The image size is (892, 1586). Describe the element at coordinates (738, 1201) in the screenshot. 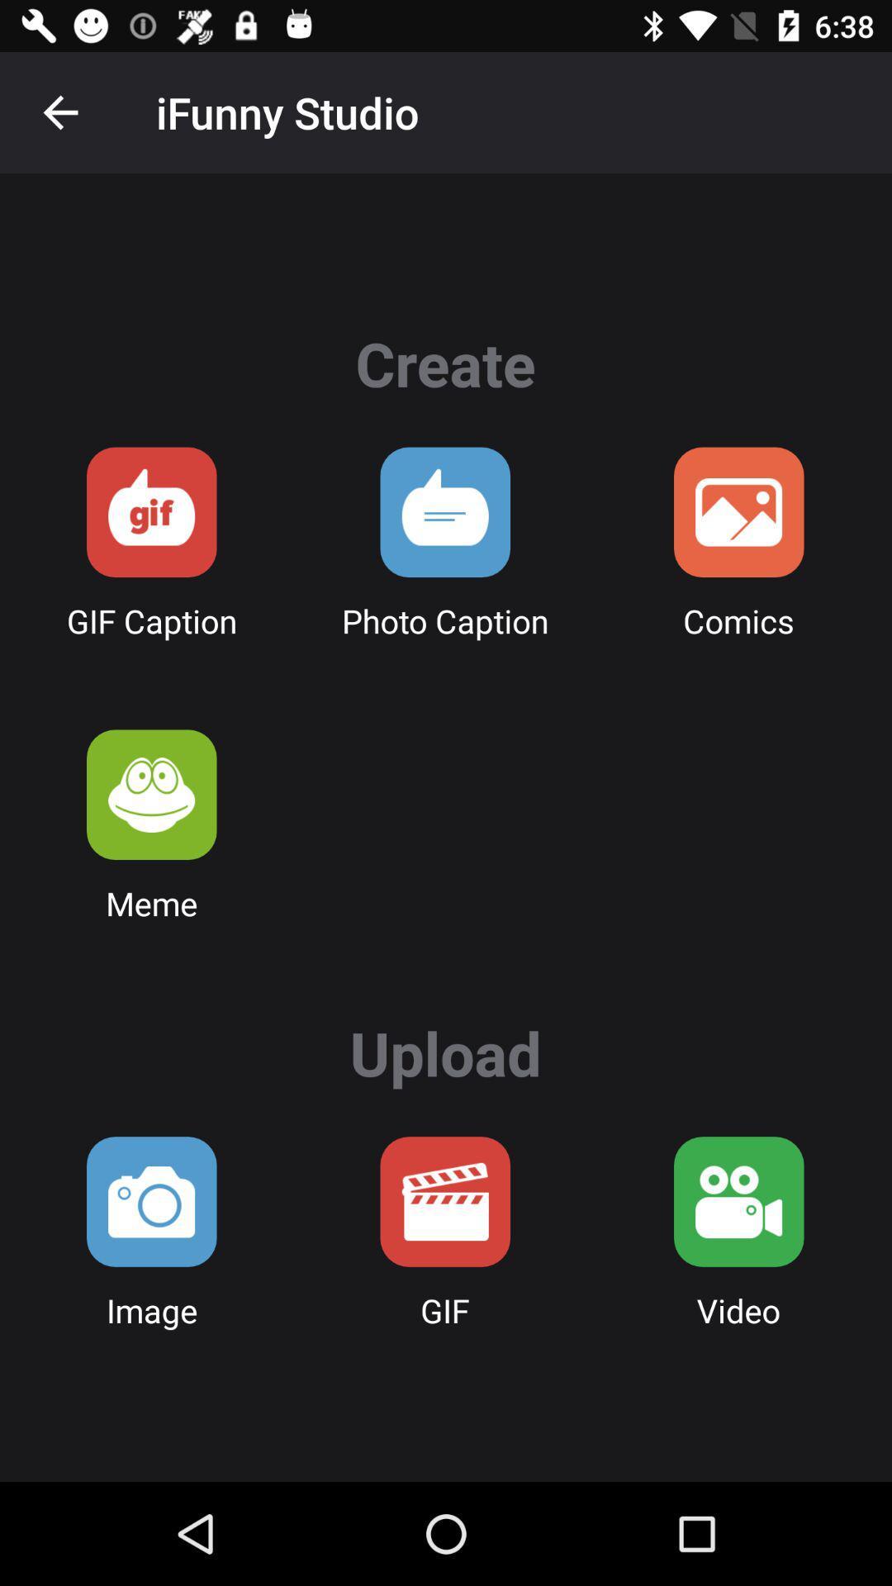

I see `the videocam icon` at that location.